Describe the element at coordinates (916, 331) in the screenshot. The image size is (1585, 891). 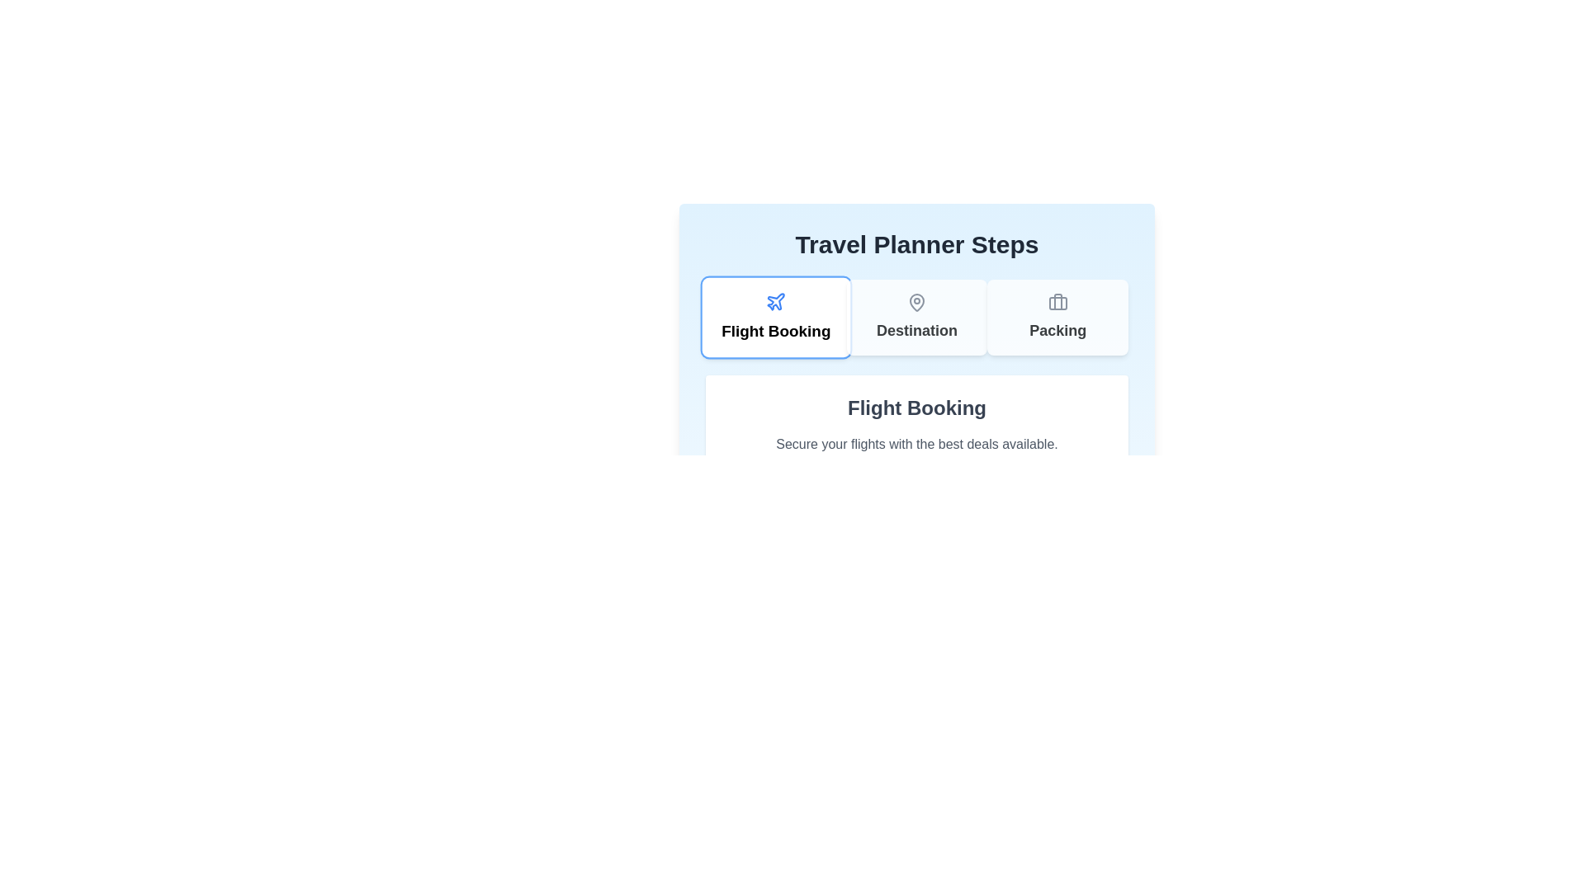
I see `'Destination' text label, which serves as a title for the second step in a multi-step travel planning interface, centrally located between 'Flight Booking' and 'Packing'` at that location.